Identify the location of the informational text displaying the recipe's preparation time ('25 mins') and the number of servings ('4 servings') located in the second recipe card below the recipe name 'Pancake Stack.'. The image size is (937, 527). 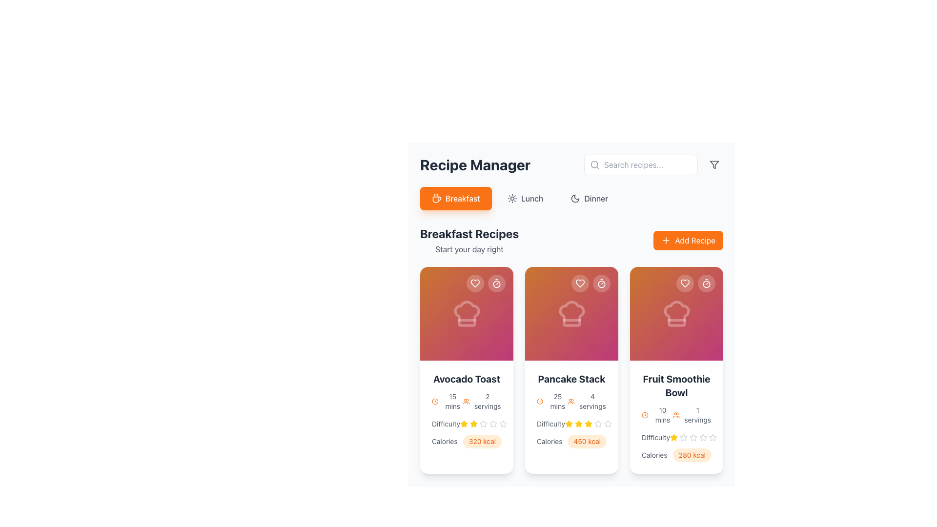
(571, 401).